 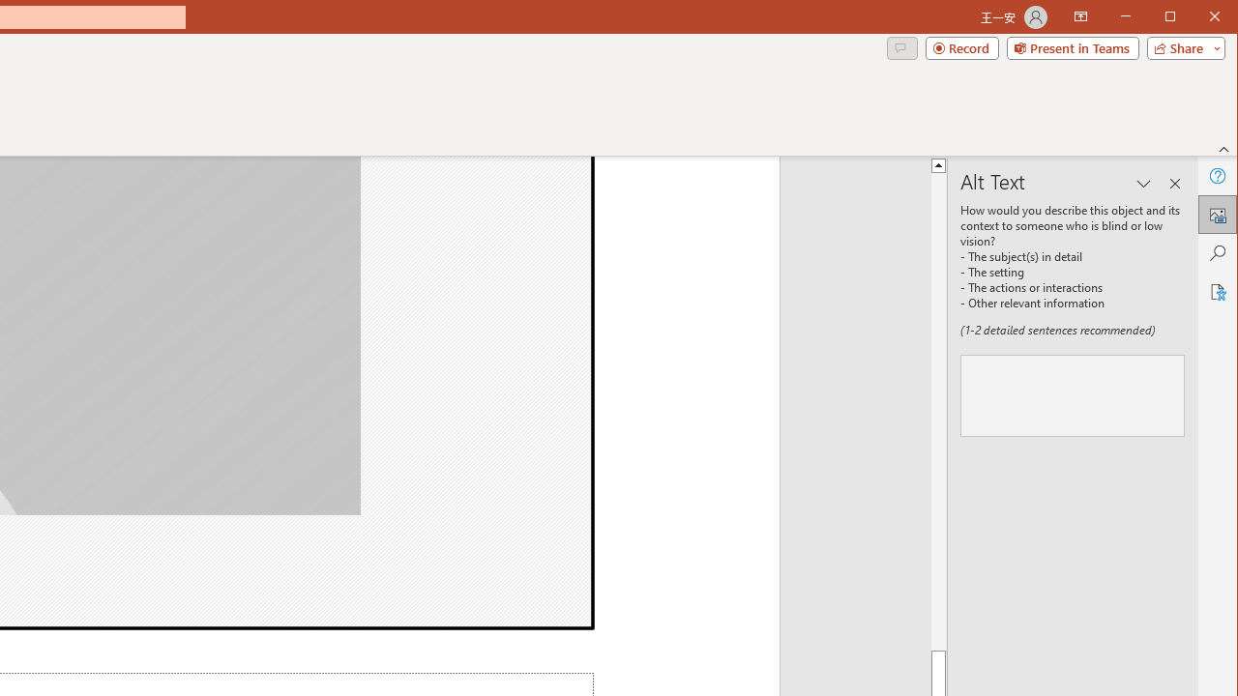 What do you see at coordinates (1072, 394) in the screenshot?
I see `'Description'` at bounding box center [1072, 394].